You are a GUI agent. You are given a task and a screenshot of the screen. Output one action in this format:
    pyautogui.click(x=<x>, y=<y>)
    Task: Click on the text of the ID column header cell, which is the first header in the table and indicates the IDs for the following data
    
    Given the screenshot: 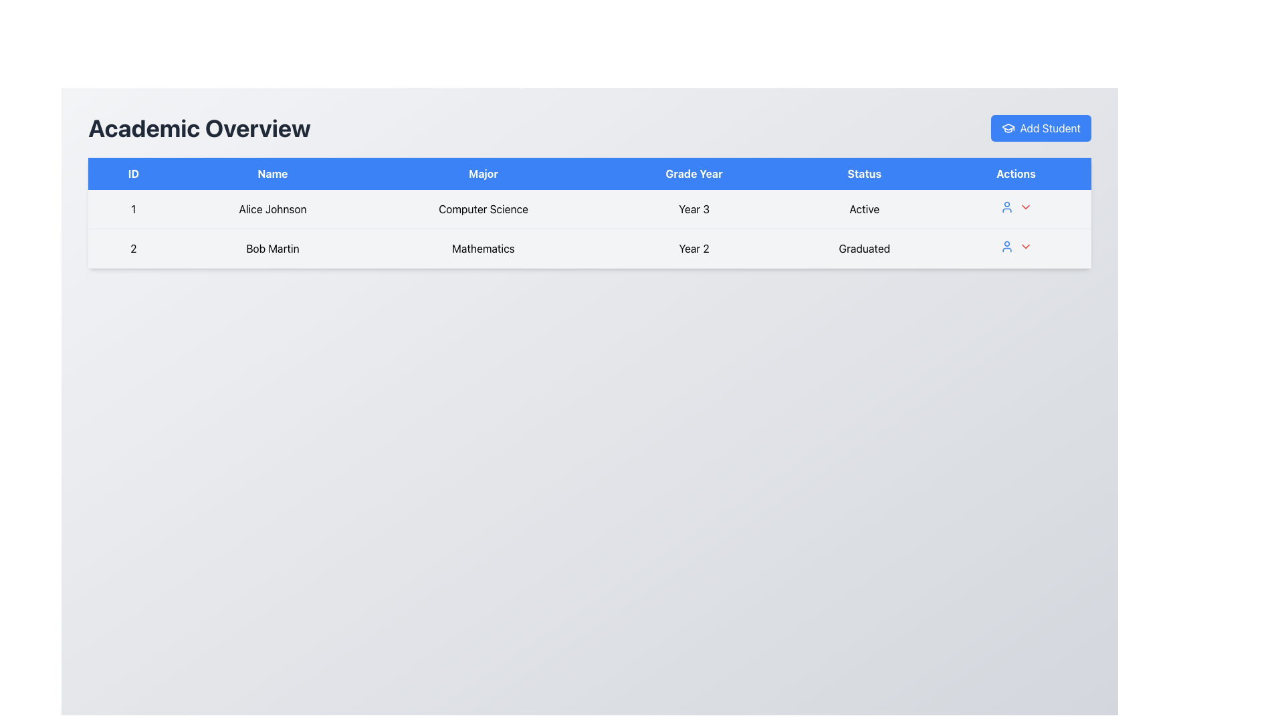 What is the action you would take?
    pyautogui.click(x=133, y=172)
    